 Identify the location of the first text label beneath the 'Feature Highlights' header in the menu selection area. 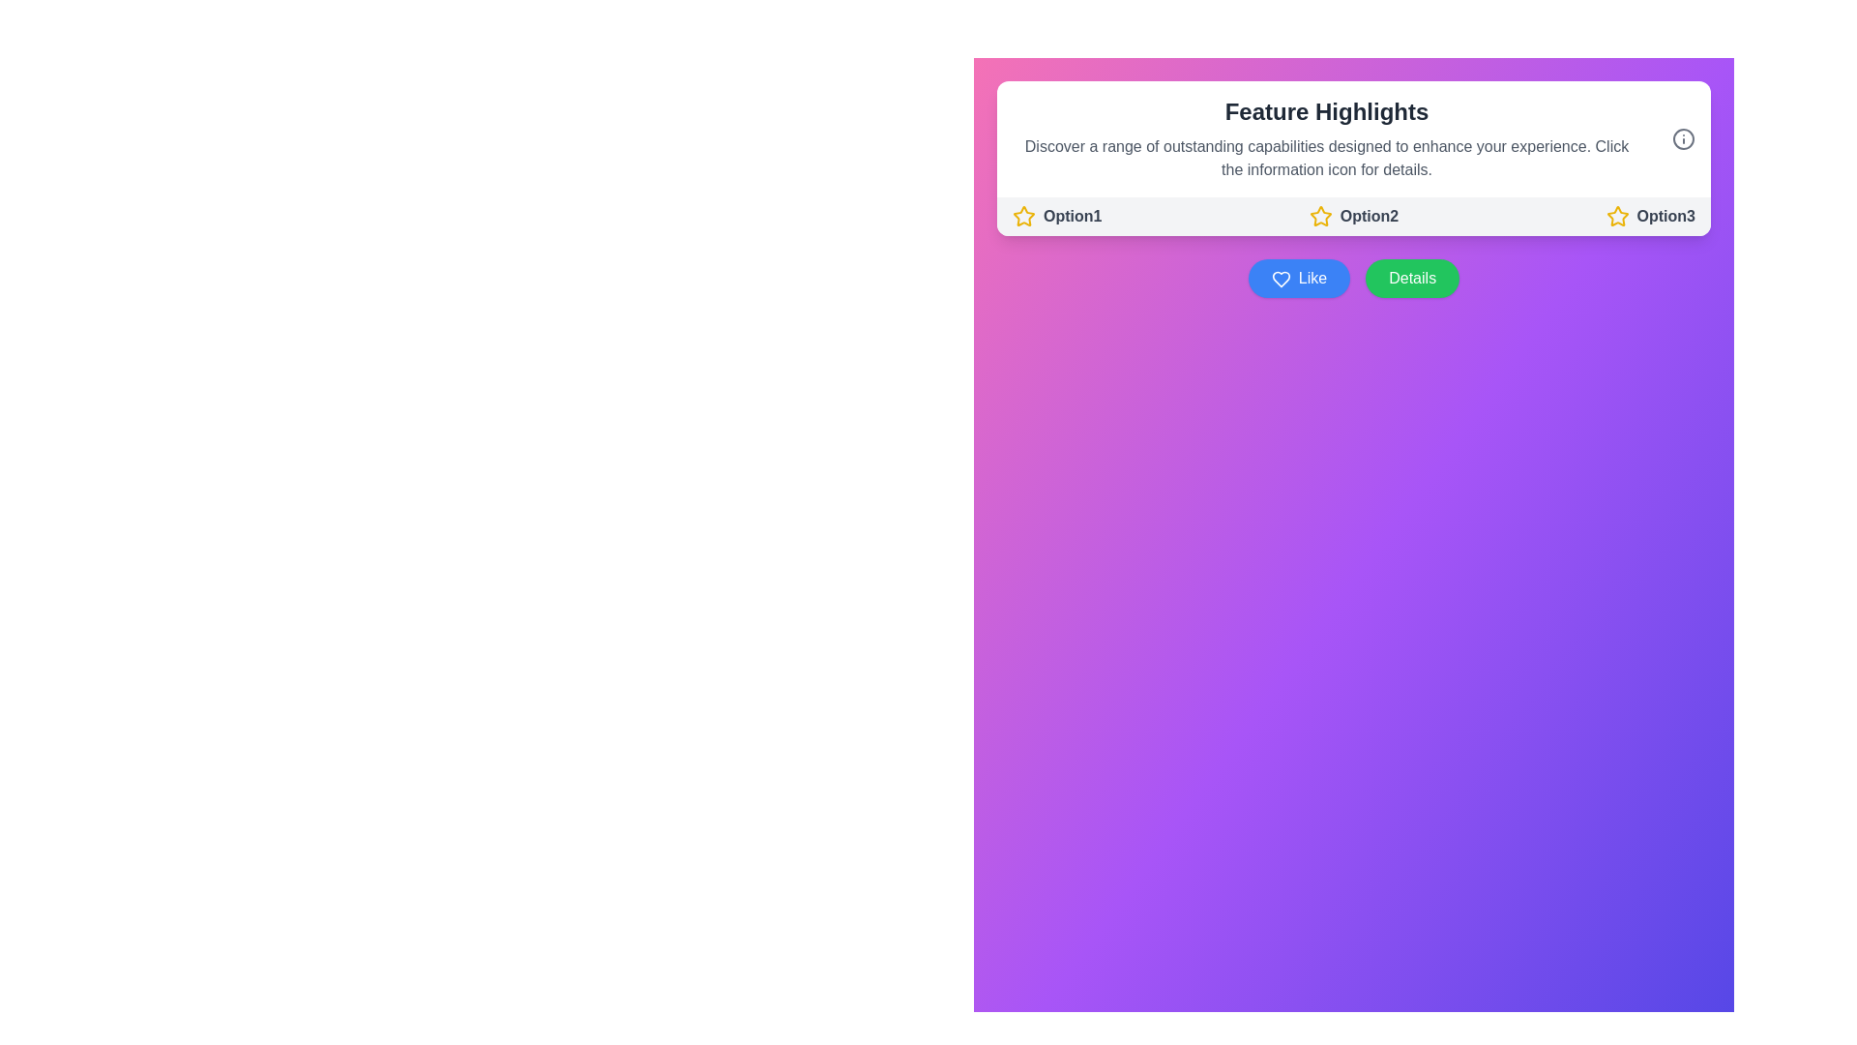
(1072, 216).